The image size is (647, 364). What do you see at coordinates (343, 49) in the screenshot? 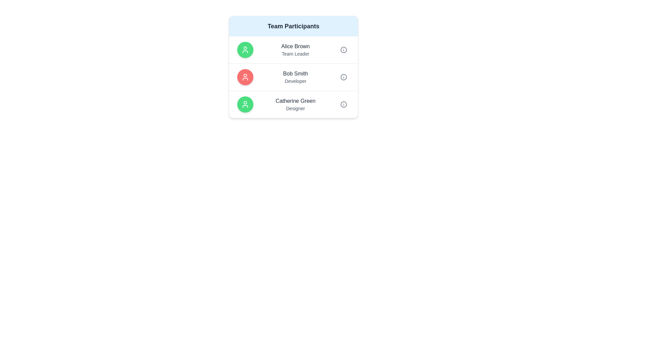
I see `the button located to the right of the text 'Alice Brown' and 'Team Leader'` at bounding box center [343, 49].